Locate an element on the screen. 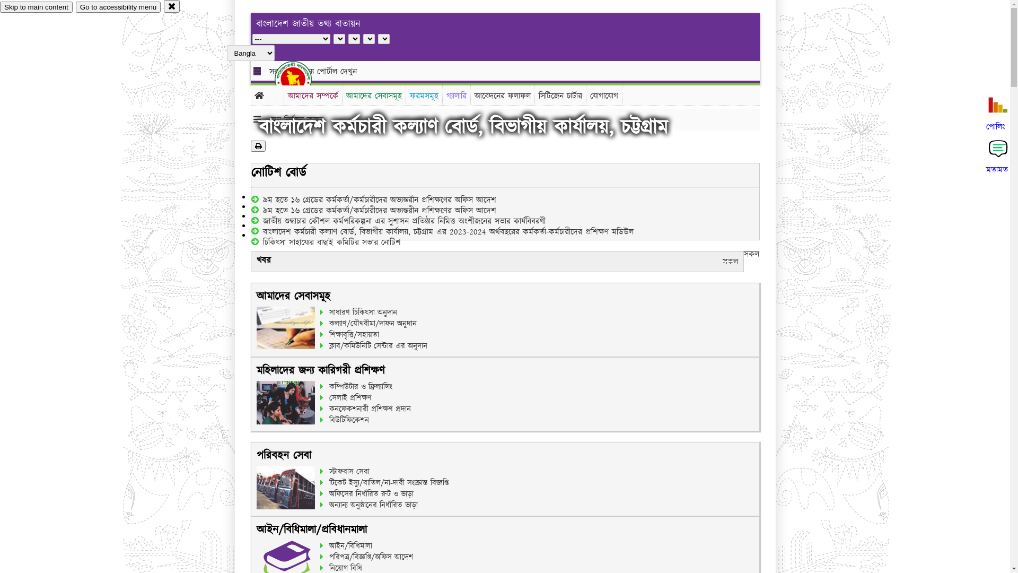 The width and height of the screenshot is (1018, 573). ' is located at coordinates (275, 79).